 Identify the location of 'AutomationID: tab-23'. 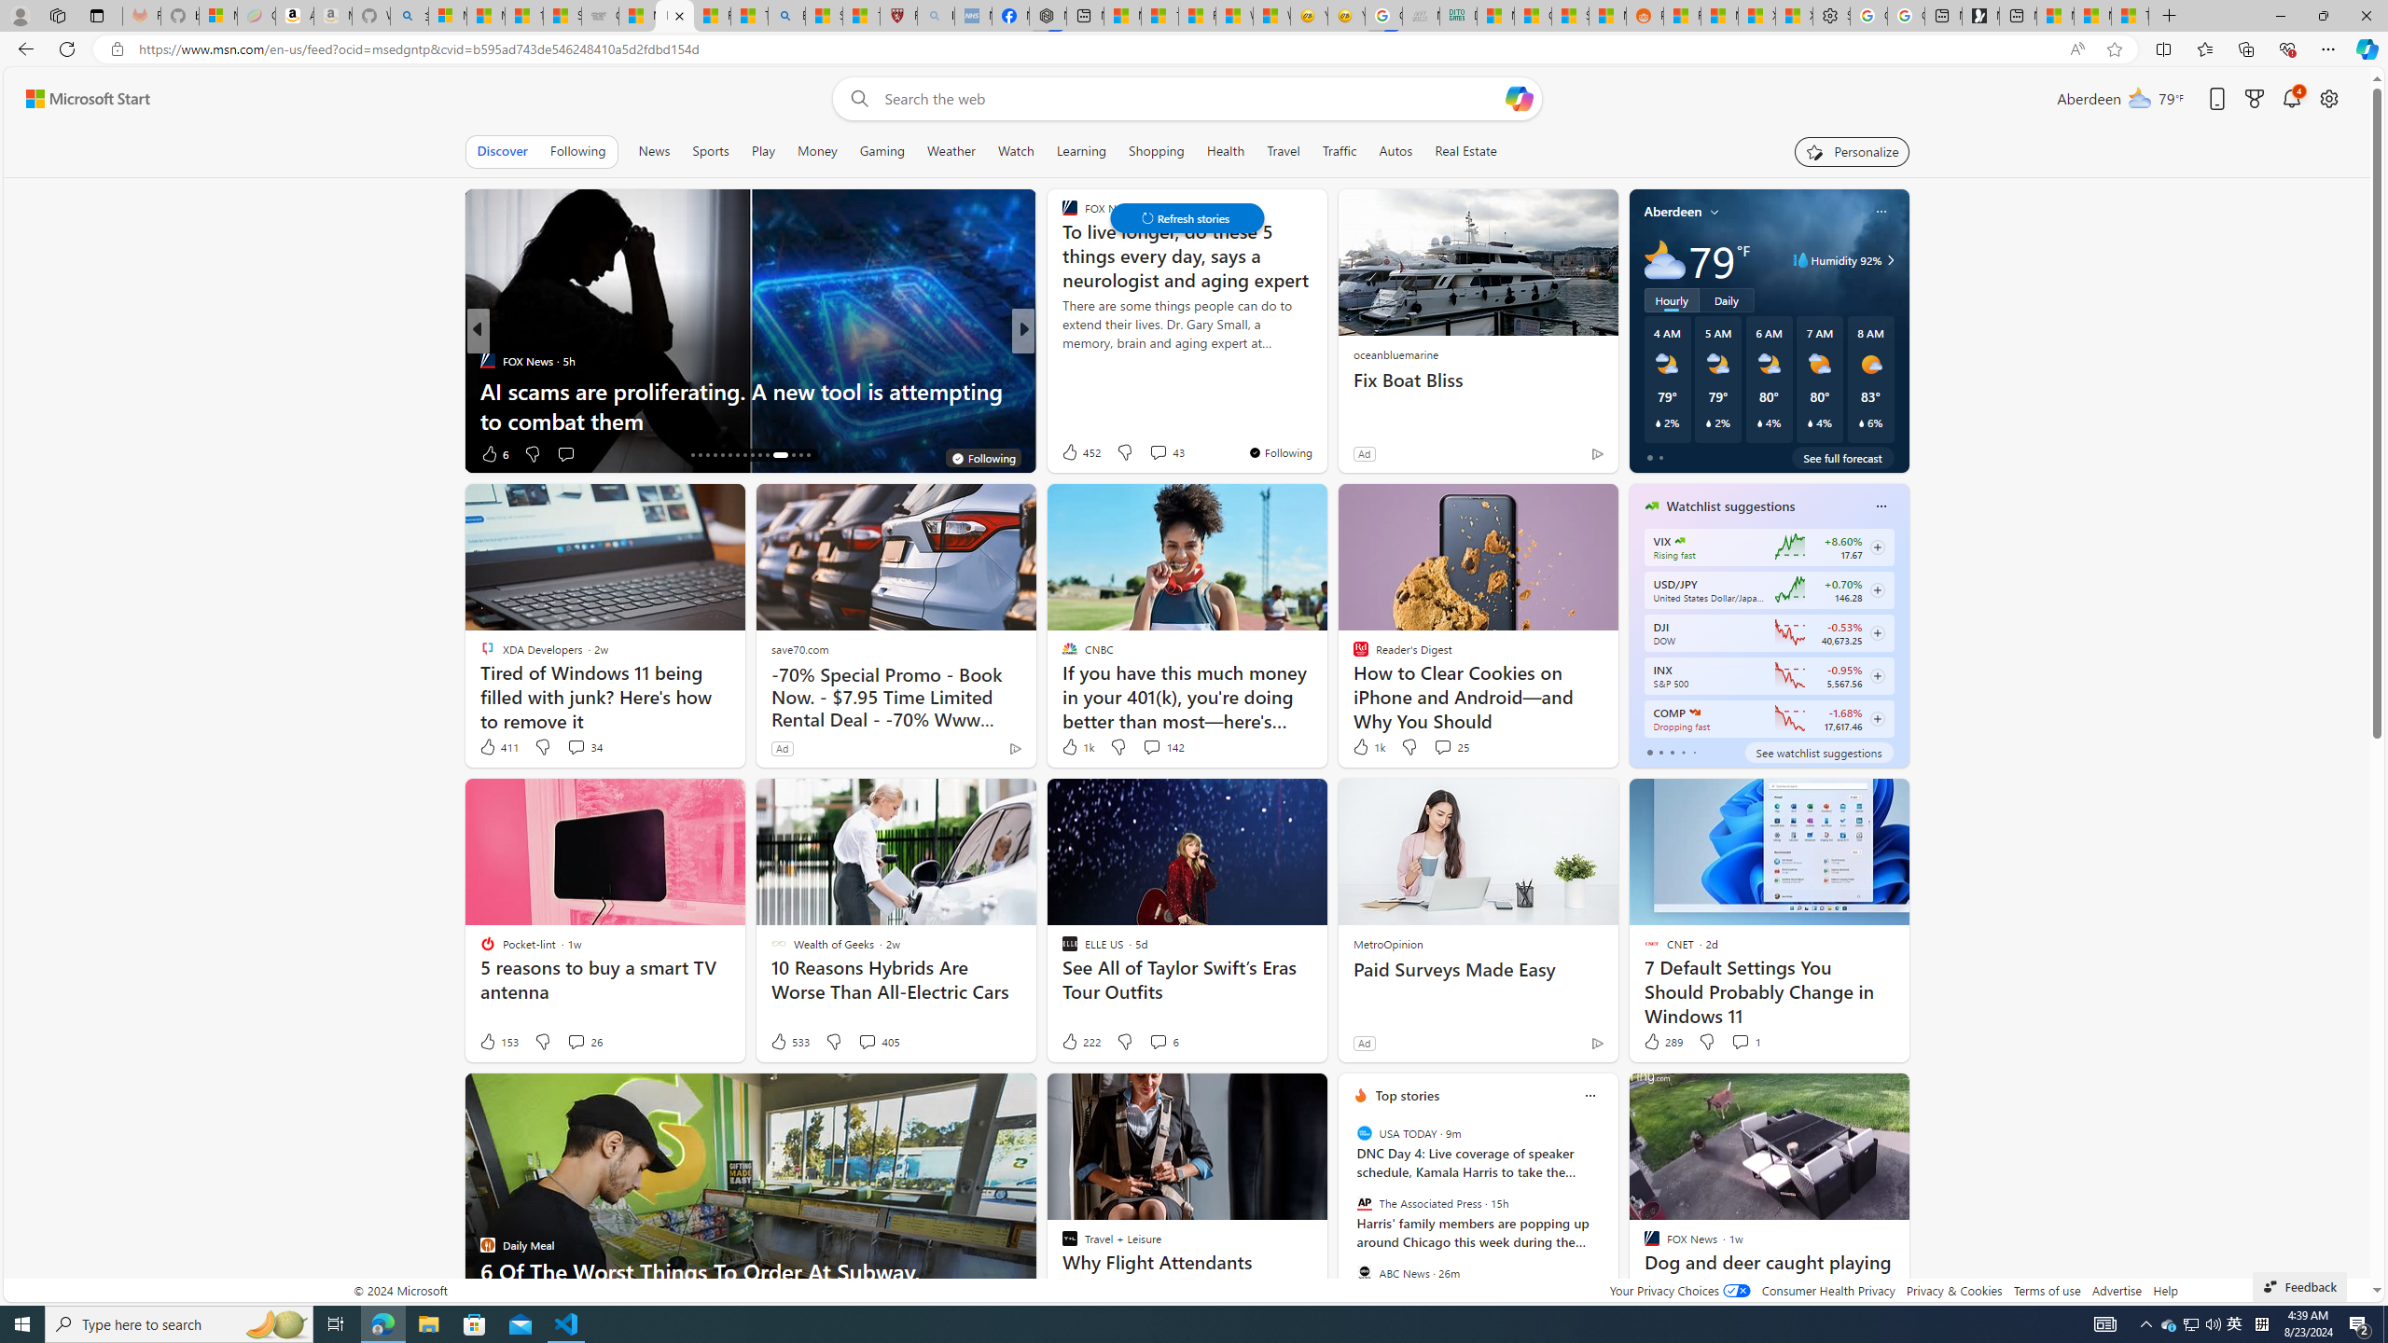
(744, 454).